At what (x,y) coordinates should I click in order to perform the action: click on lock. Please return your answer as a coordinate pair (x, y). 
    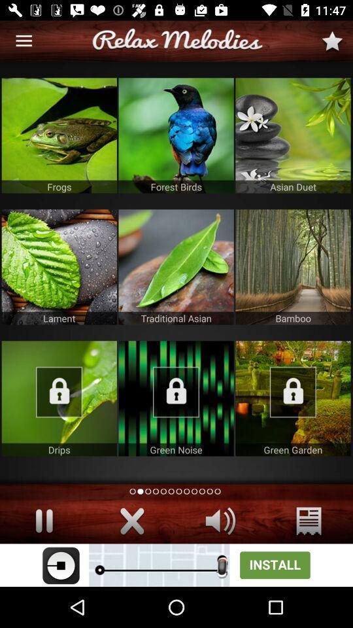
    Looking at the image, I should click on (293, 398).